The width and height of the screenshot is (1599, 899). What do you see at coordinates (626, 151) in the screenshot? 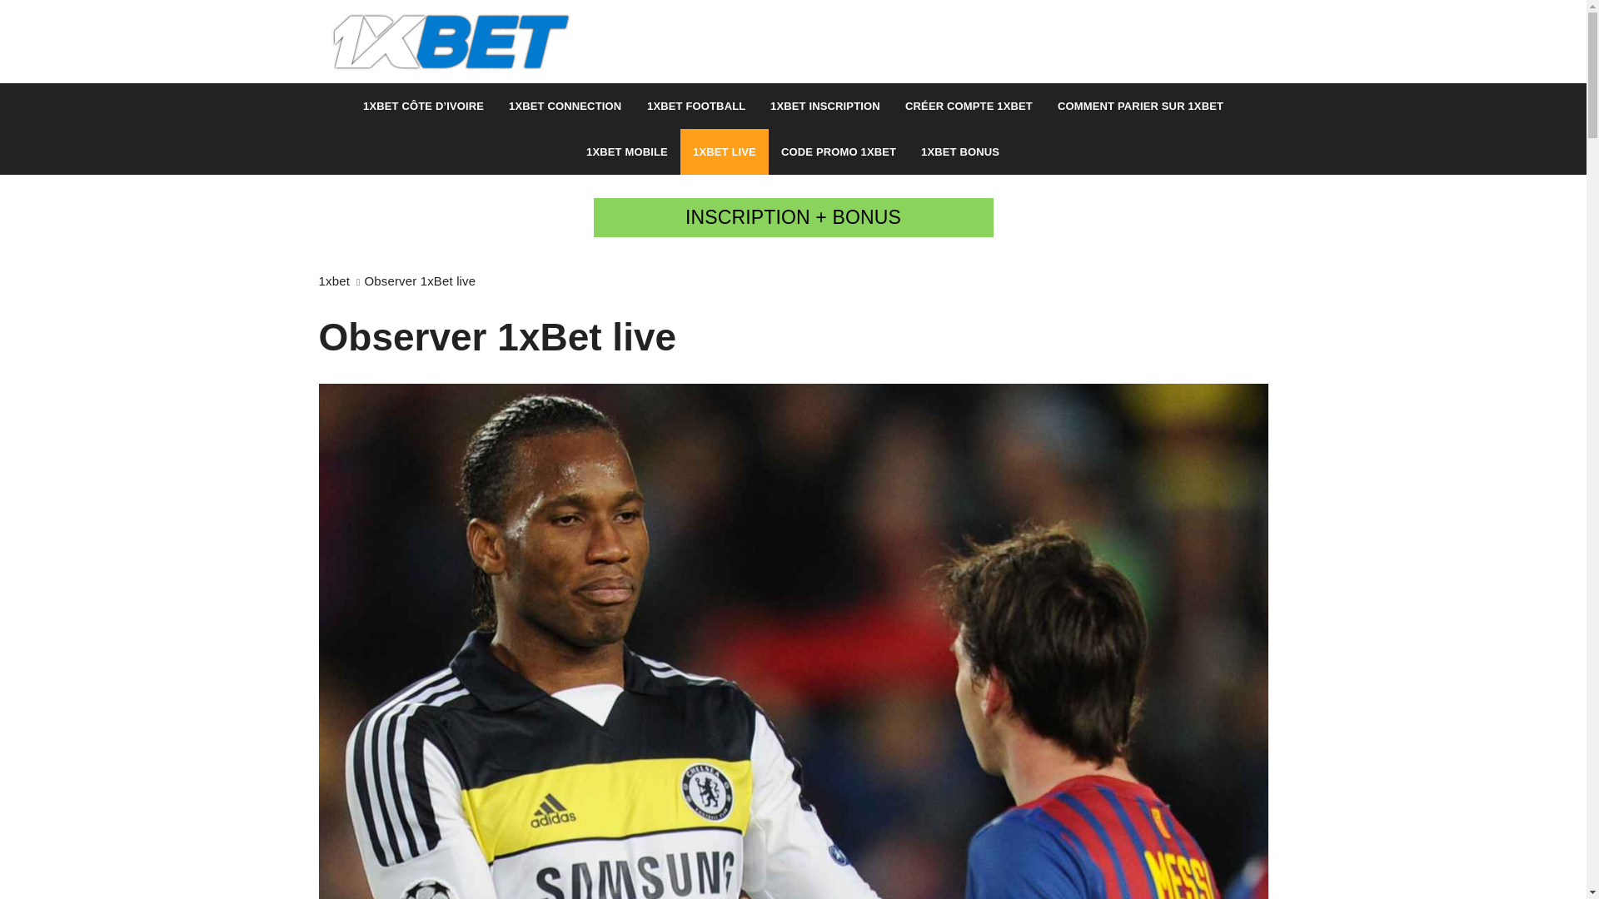
I see `'1XBET MOBILE'` at bounding box center [626, 151].